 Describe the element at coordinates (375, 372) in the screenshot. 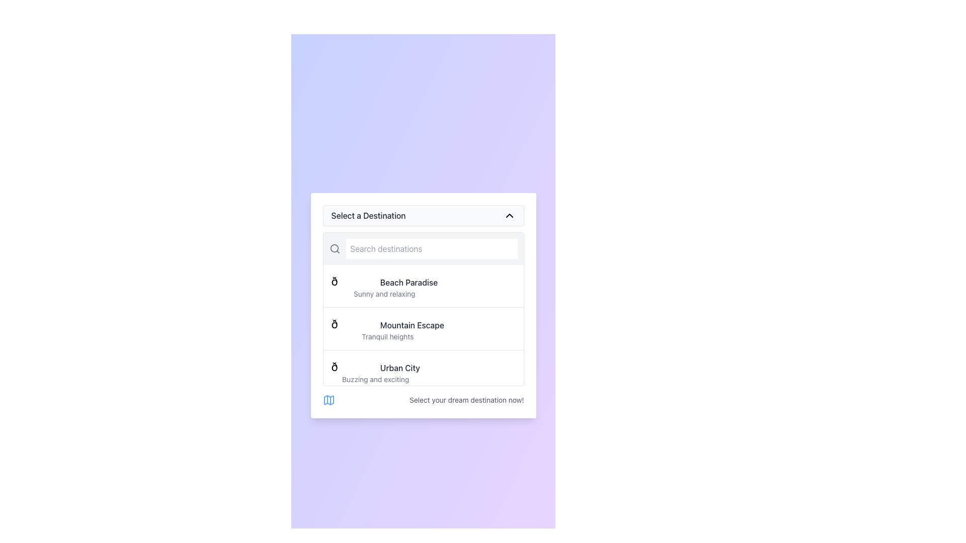

I see `the list item entry displaying 'Urban City' with the subtitle 'Buzzing and exciting'` at that location.